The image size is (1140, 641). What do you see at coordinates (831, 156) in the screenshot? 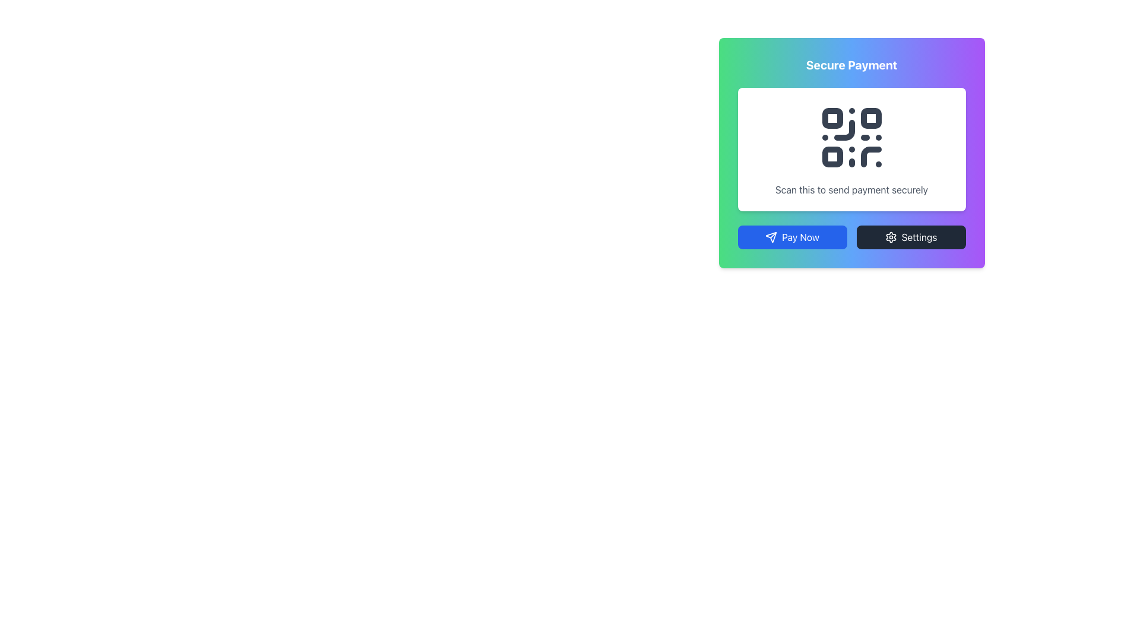
I see `the small square with rounded corners located in the bottom-left corner of the QR code pattern on the panel with a gradient background` at bounding box center [831, 156].